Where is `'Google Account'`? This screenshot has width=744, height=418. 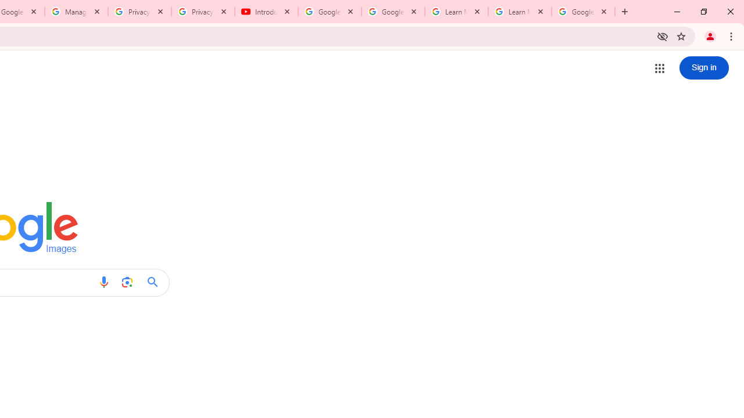 'Google Account' is located at coordinates (583, 12).